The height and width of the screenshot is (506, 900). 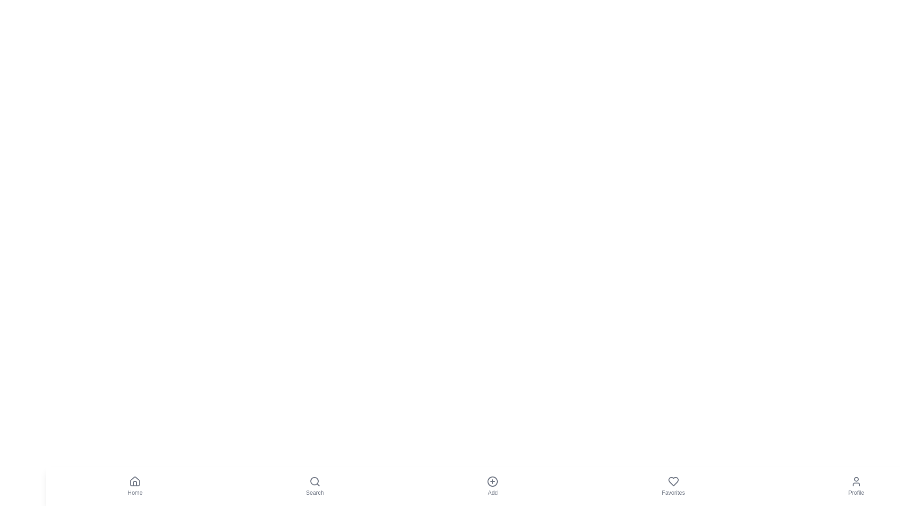 I want to click on the 'Add' text label located below the circular '+' icon in the bottom navigation bar, so click(x=492, y=492).